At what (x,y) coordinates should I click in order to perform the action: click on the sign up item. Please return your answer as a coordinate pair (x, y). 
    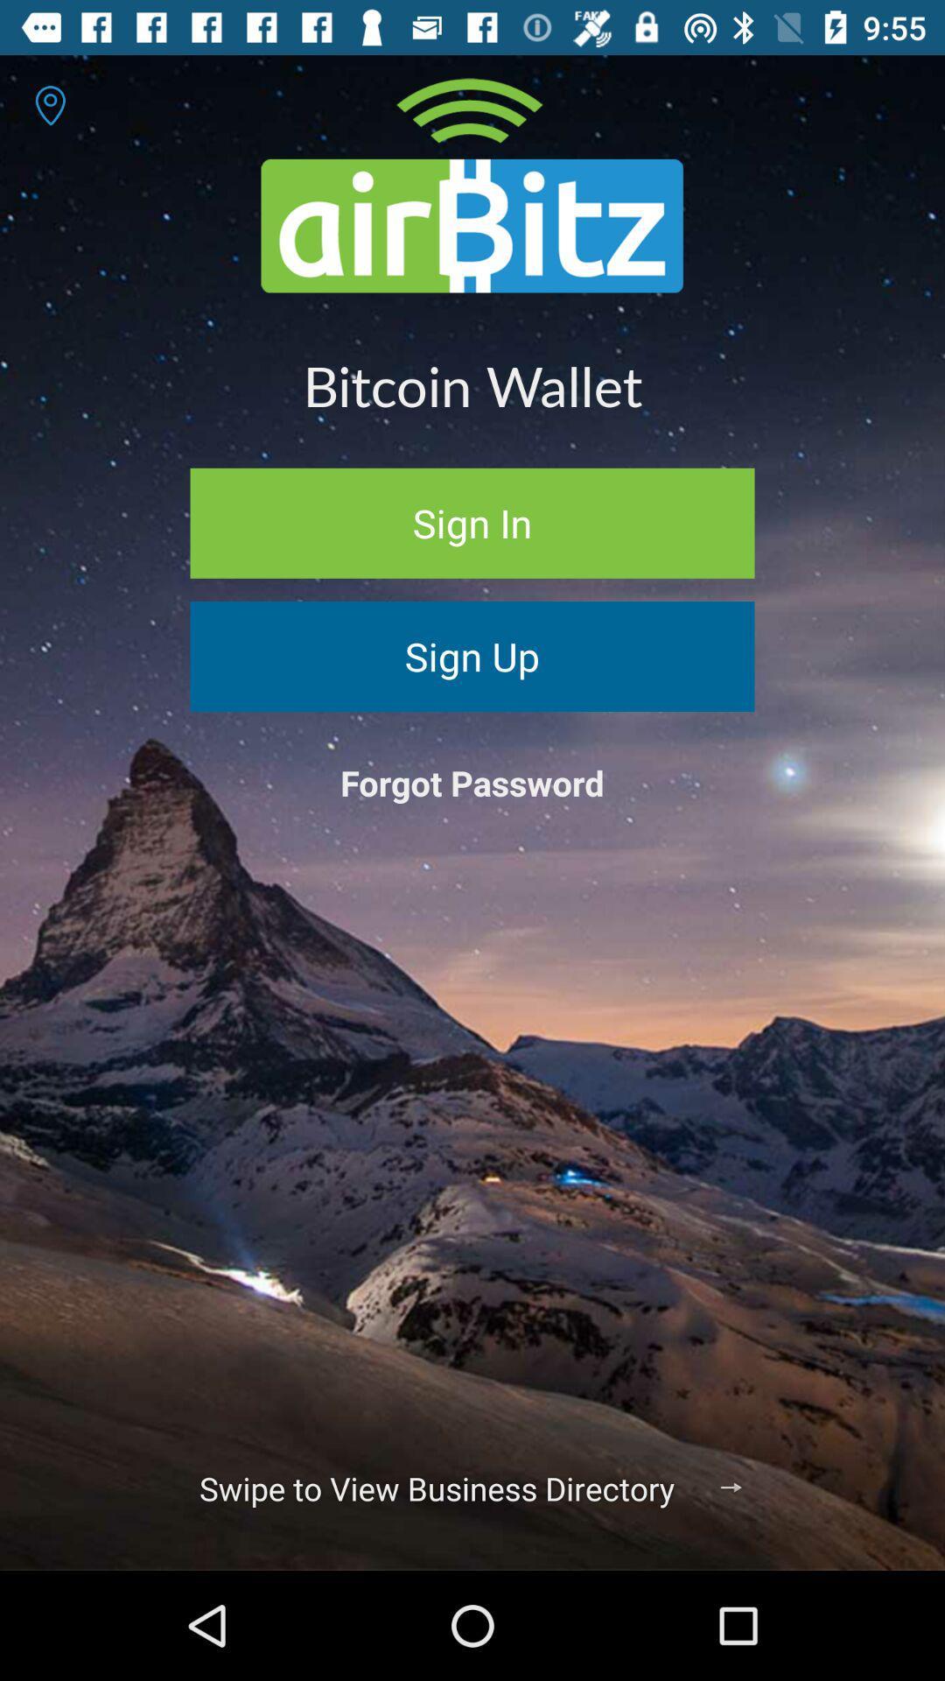
    Looking at the image, I should click on (472, 655).